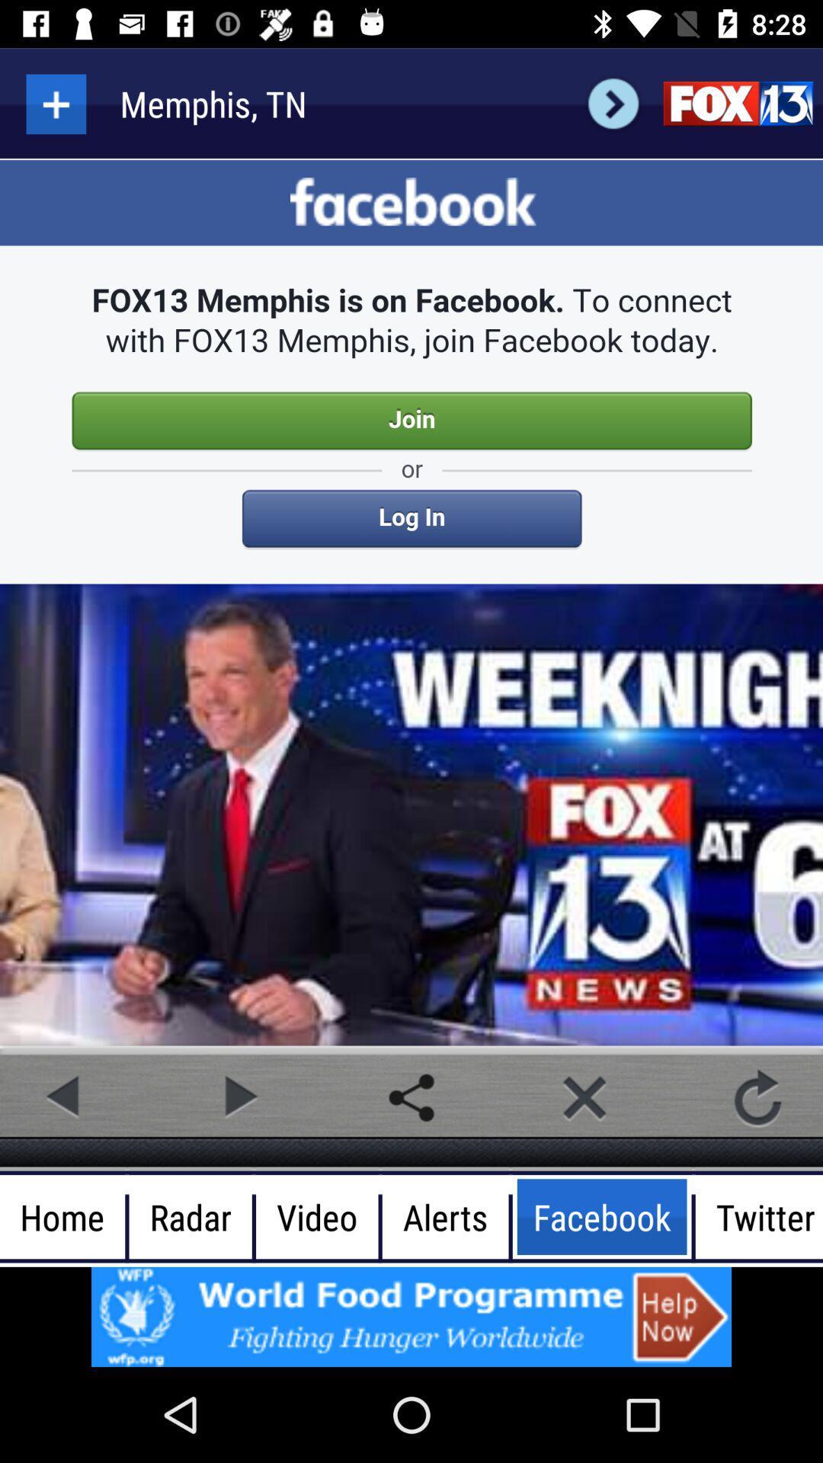 The height and width of the screenshot is (1463, 823). What do you see at coordinates (238, 1097) in the screenshot?
I see `forward` at bounding box center [238, 1097].